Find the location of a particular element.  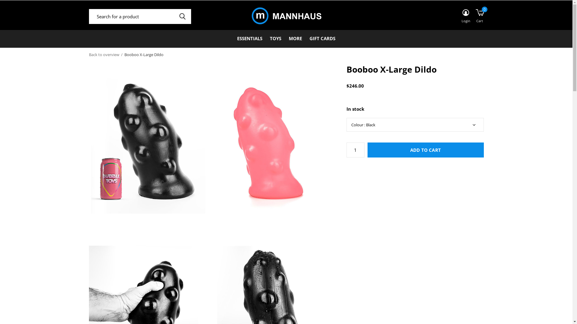

'TOYS' is located at coordinates (275, 38).